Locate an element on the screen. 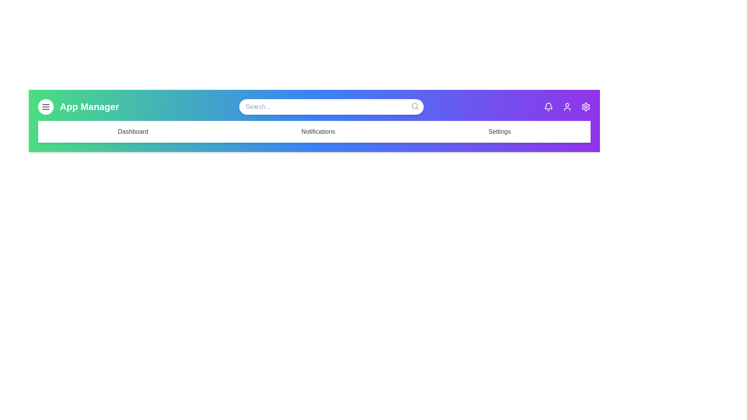 Image resolution: width=747 pixels, height=420 pixels. the User icon in the top right corner of the StyledAppBar component is located at coordinates (567, 107).